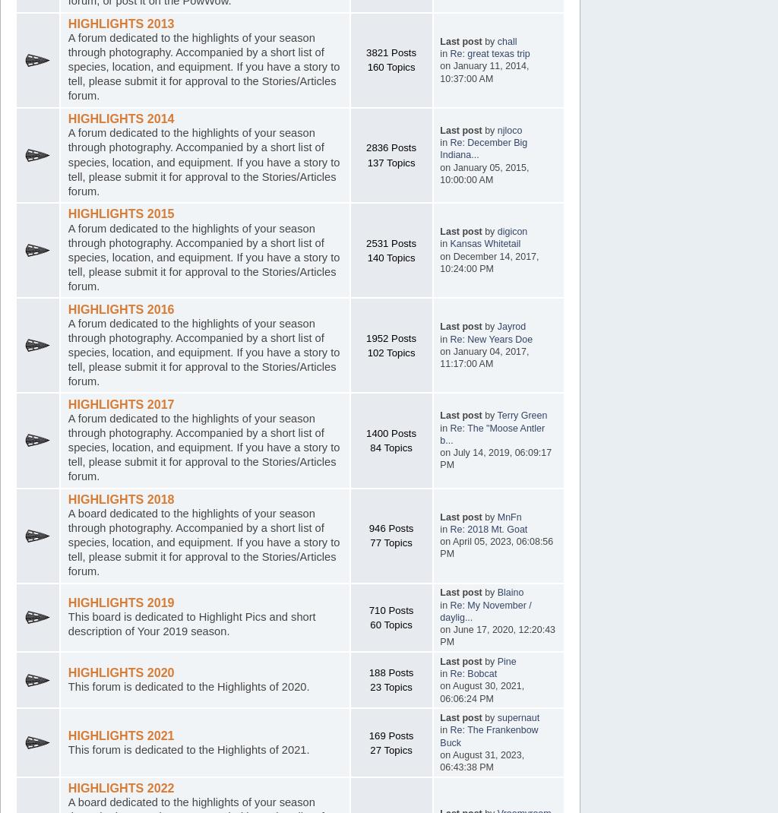  What do you see at coordinates (488, 735) in the screenshot?
I see `'Re: The Frankenbow Buck'` at bounding box center [488, 735].